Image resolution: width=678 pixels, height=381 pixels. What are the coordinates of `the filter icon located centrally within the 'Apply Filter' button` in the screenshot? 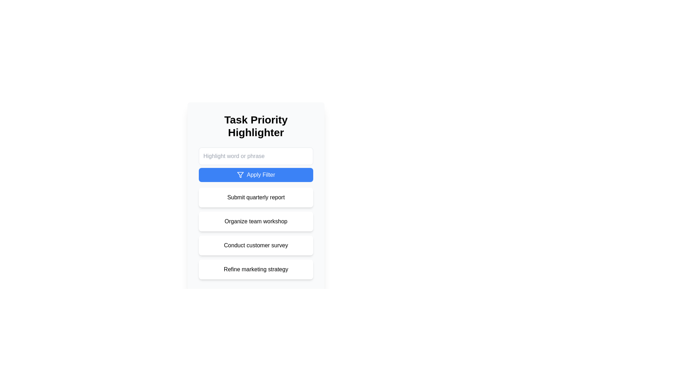 It's located at (240, 175).